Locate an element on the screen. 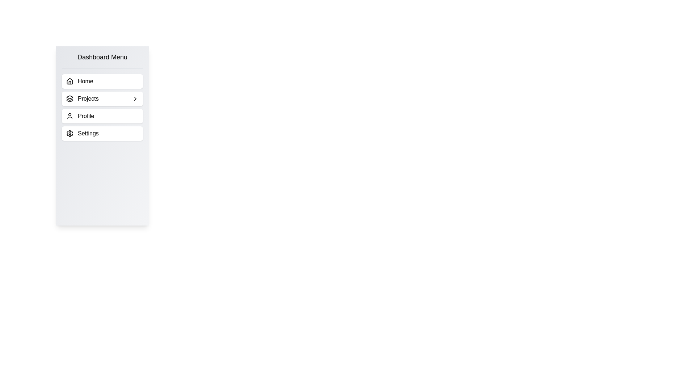  the third option in the 'Dashboard Menu' sidebar, which serves as a navigation link to the user's profile page is located at coordinates (102, 115).